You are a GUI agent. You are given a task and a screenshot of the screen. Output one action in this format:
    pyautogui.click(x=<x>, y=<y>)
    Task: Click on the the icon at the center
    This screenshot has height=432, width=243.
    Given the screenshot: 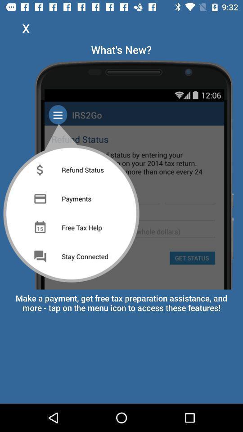 What is the action you would take?
    pyautogui.click(x=121, y=172)
    